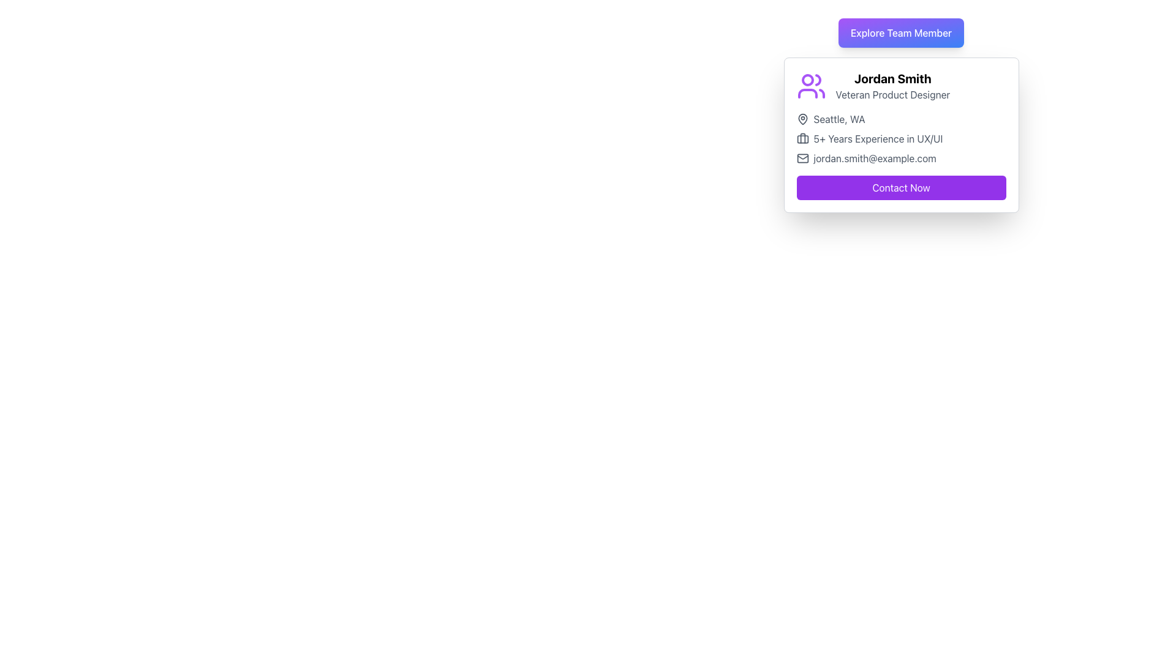 This screenshot has width=1176, height=661. What do you see at coordinates (901, 138) in the screenshot?
I see `summarized professional information about the user displayed in the Information Grouping section of the profile card, located below the header with the name 'Jordan Smith' and title 'Veteran Product Designer'` at bounding box center [901, 138].